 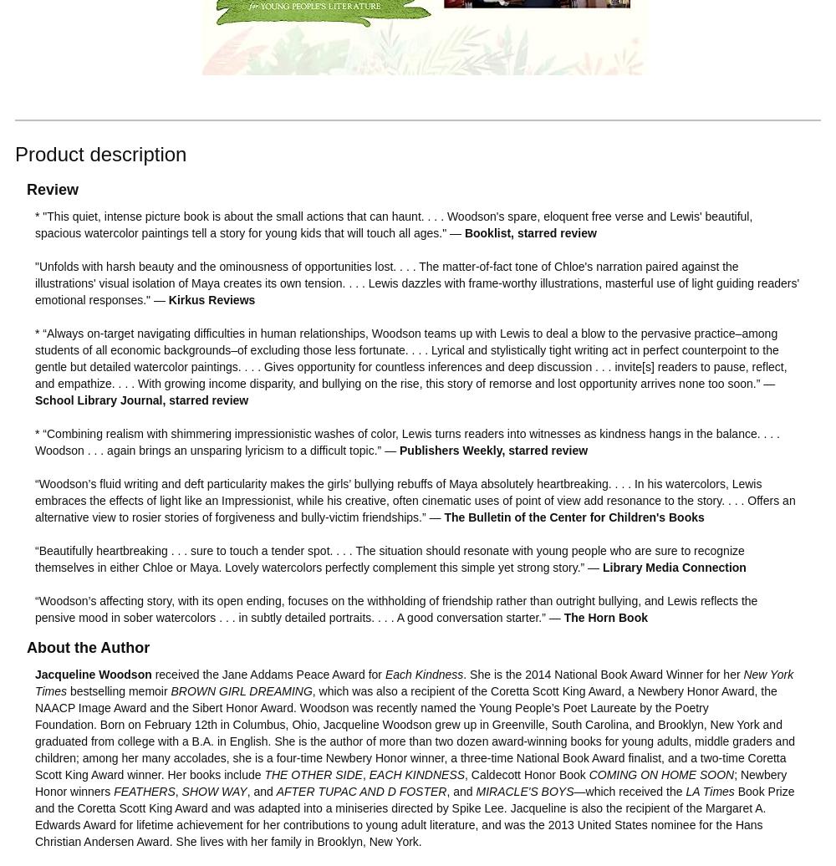 I want to click on '* “Combining realism with shimmering impressionistic washes of color, Lewis turns readers into witnesses as kindness hangs in the balance. . . . Woodson . . . again brings an unsparing lyricism to a difficult topic.” —', so click(x=406, y=441).